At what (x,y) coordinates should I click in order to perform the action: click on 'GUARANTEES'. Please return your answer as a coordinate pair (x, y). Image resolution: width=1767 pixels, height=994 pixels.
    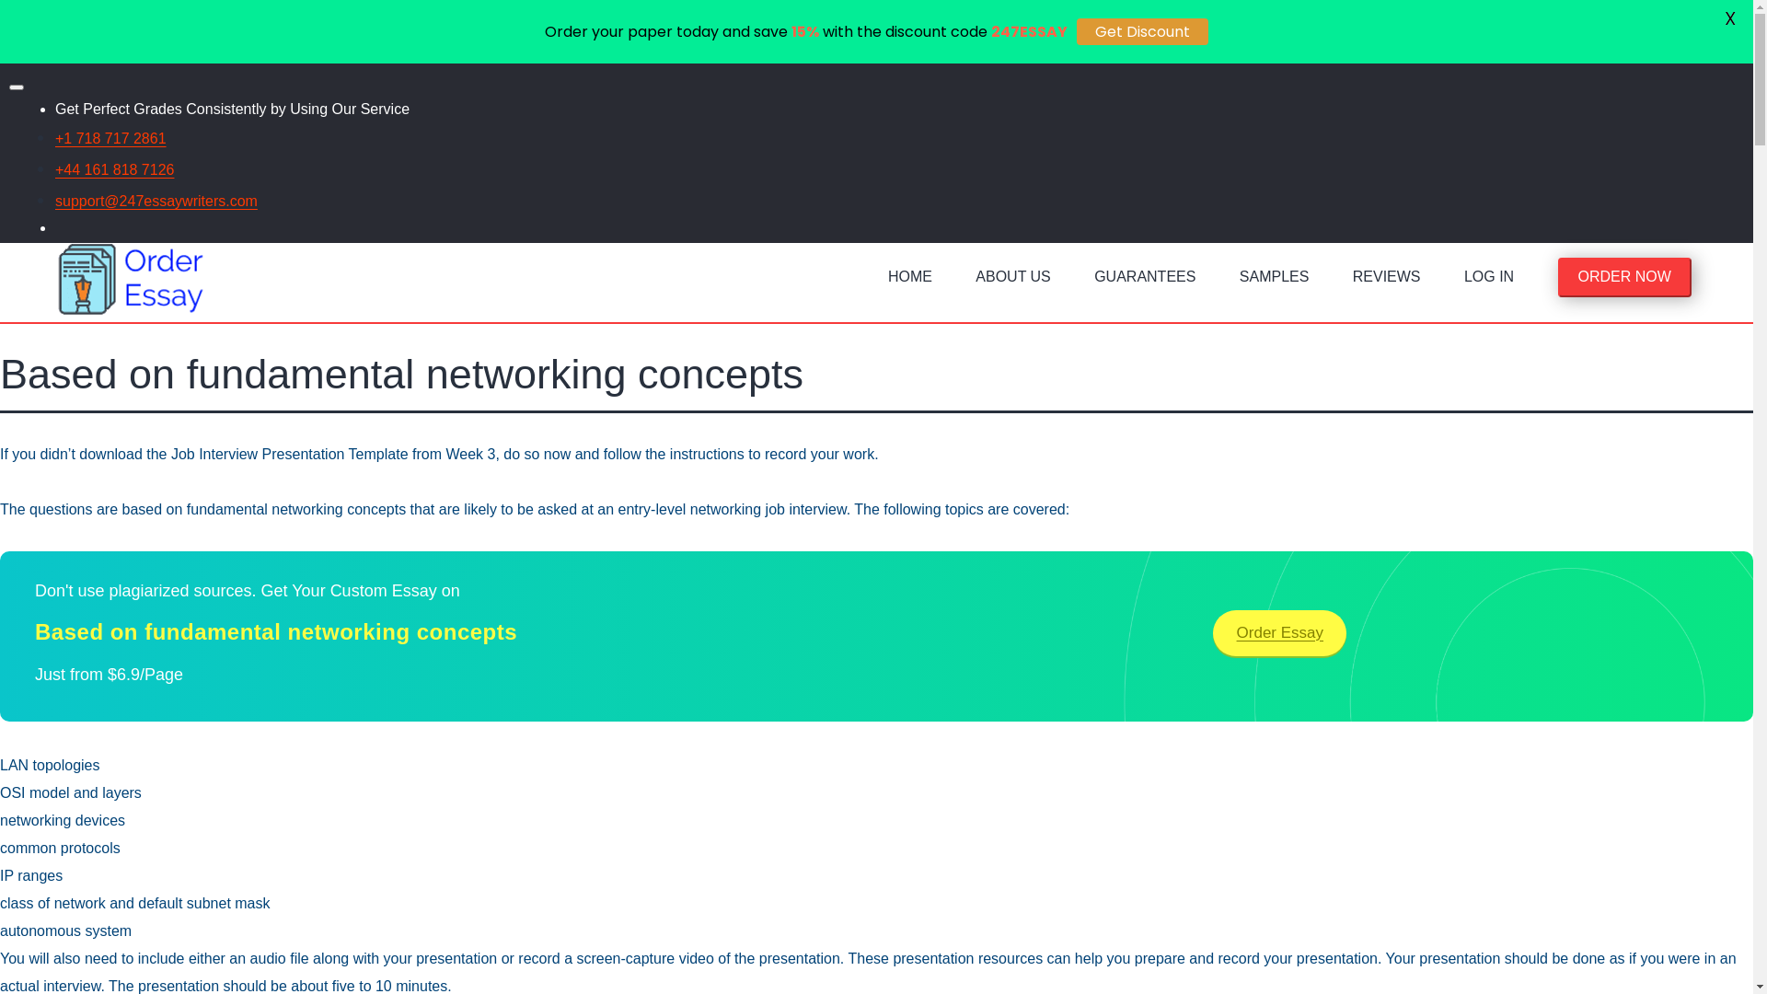
    Looking at the image, I should click on (1082, 282).